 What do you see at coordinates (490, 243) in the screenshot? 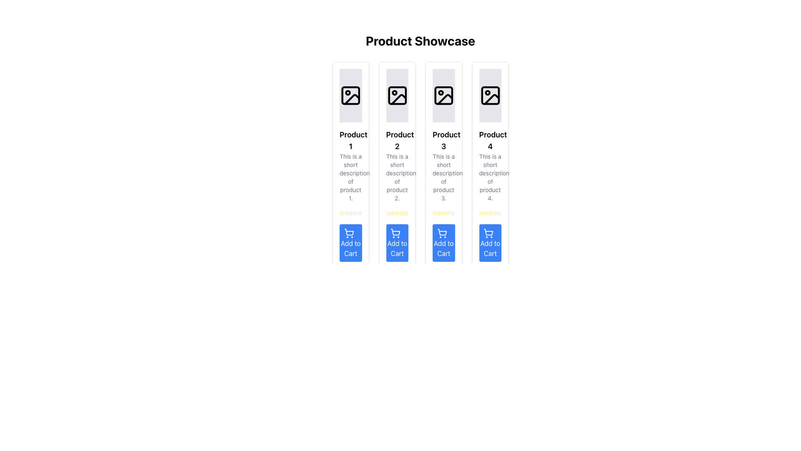
I see `the 'Add to Cart' button with a blue background and a shopping cart icon` at bounding box center [490, 243].